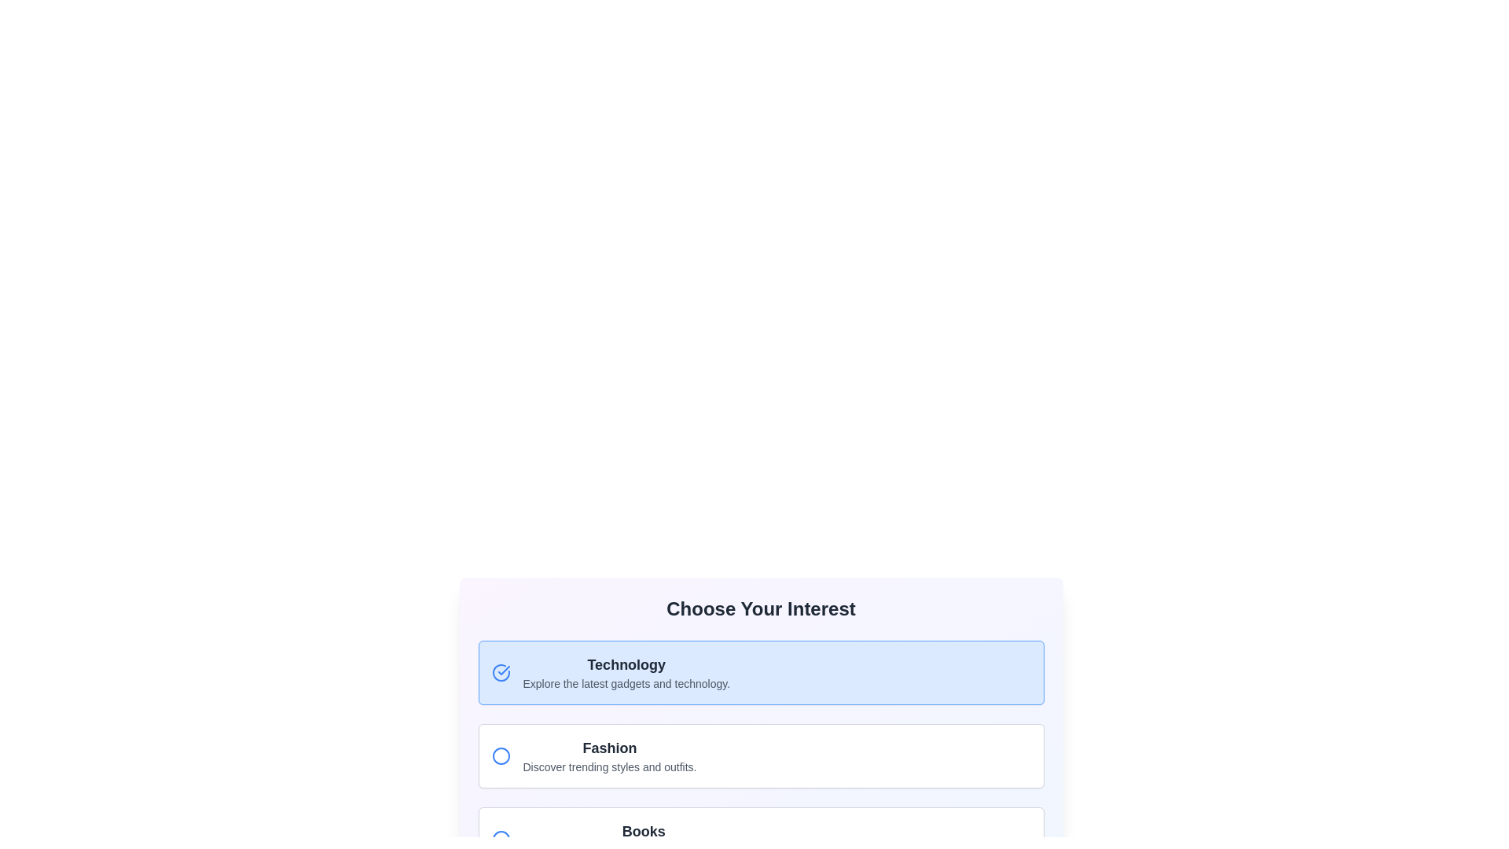 The width and height of the screenshot is (1509, 849). I want to click on the blue checkmark icon located to the left of the 'Technology' label within the selection box, so click(504, 670).